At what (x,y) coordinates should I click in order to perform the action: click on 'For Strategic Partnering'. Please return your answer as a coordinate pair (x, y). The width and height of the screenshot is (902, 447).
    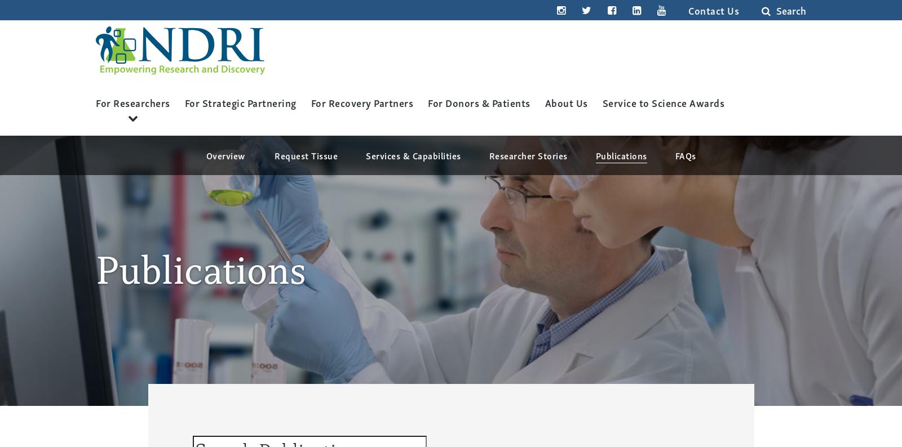
    Looking at the image, I should click on (184, 101).